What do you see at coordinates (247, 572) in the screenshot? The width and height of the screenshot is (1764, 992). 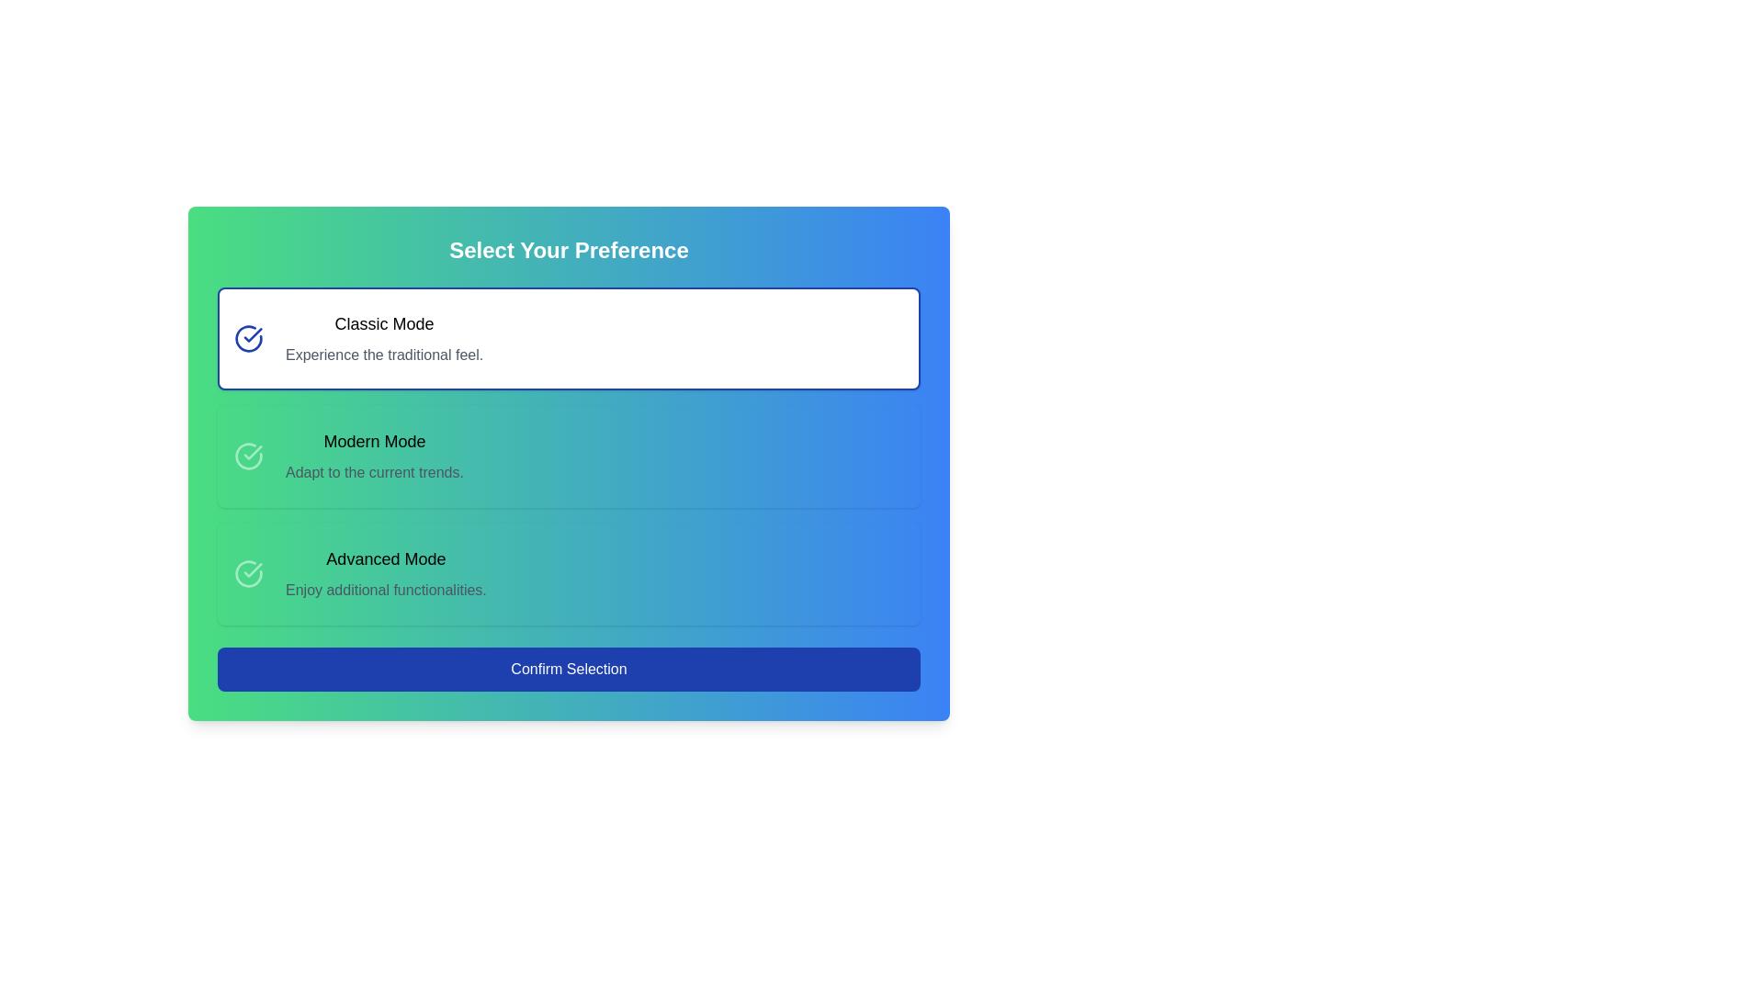 I see `the decorative graphical element that indicates the selected state of the 'Advanced Mode' option within the SVG interface` at bounding box center [247, 572].